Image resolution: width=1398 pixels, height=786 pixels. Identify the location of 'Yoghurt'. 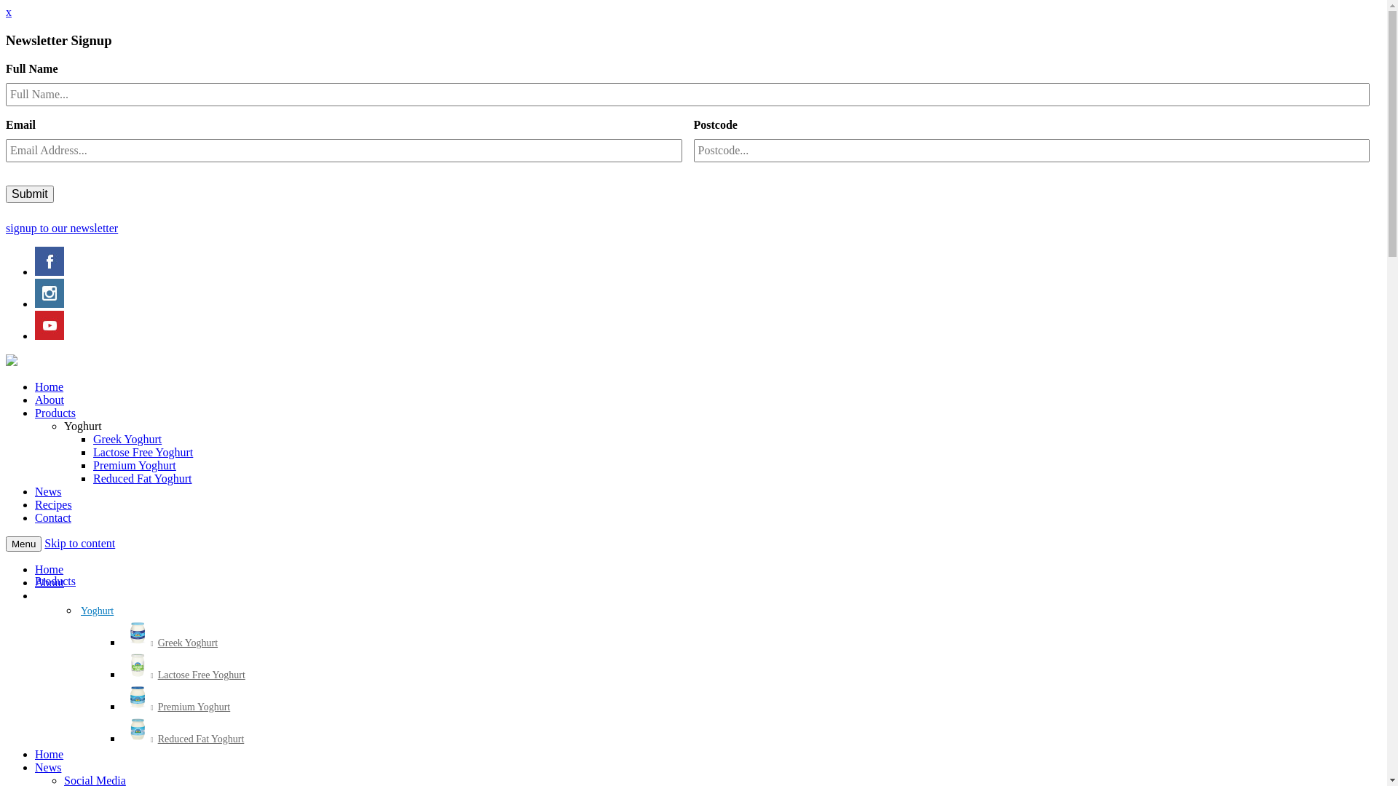
(96, 611).